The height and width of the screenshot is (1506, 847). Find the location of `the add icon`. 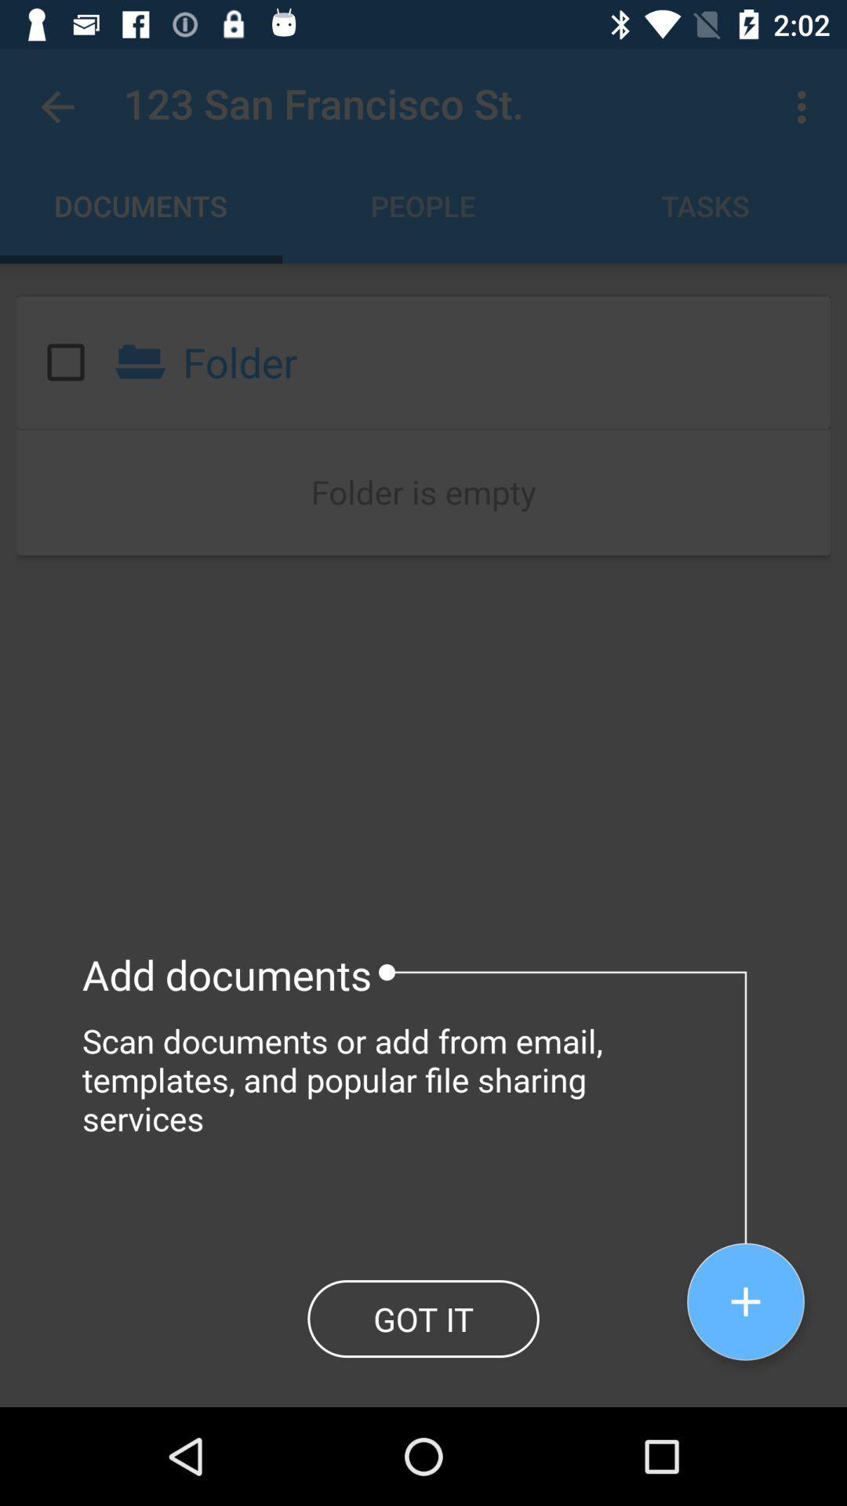

the add icon is located at coordinates (745, 1301).